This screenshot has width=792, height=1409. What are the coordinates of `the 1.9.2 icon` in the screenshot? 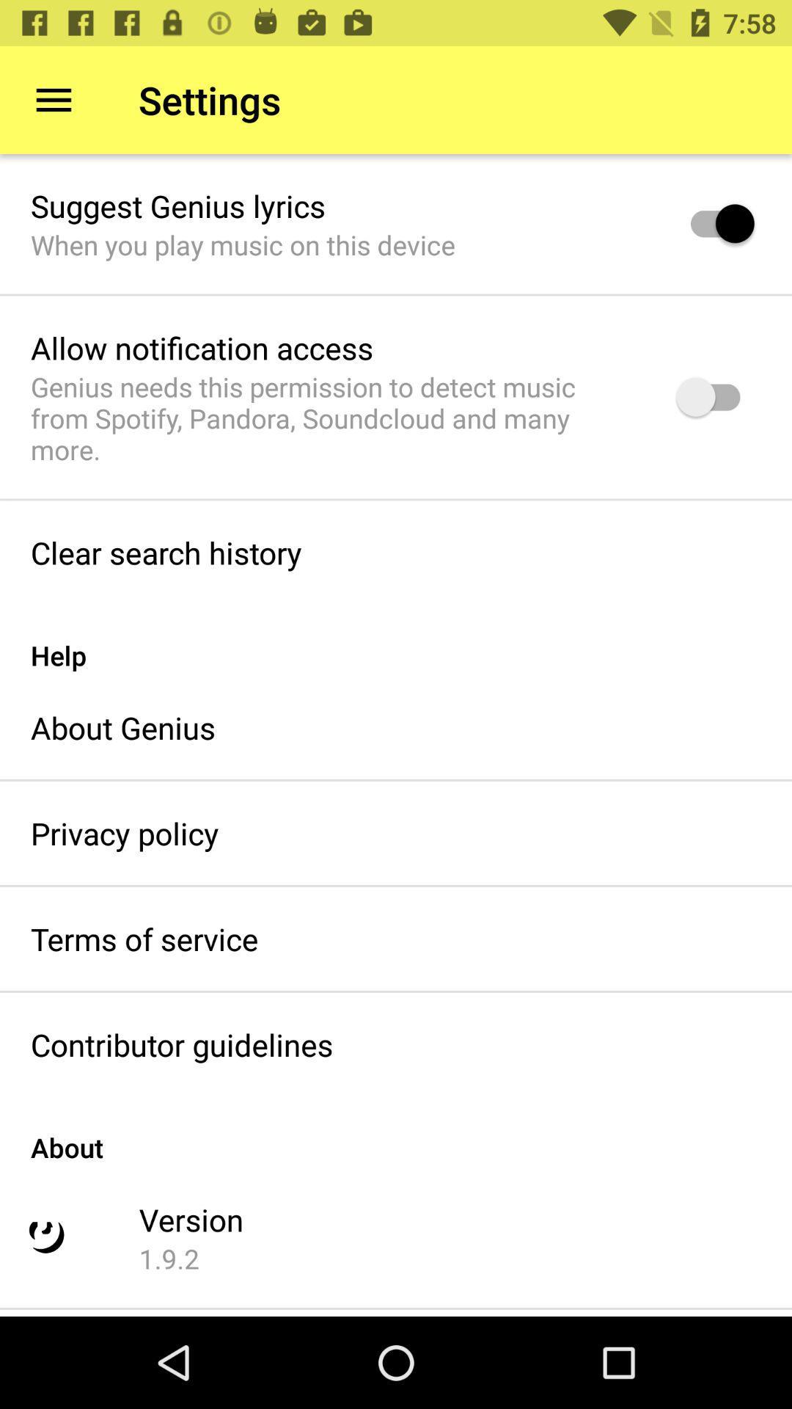 It's located at (169, 1258).